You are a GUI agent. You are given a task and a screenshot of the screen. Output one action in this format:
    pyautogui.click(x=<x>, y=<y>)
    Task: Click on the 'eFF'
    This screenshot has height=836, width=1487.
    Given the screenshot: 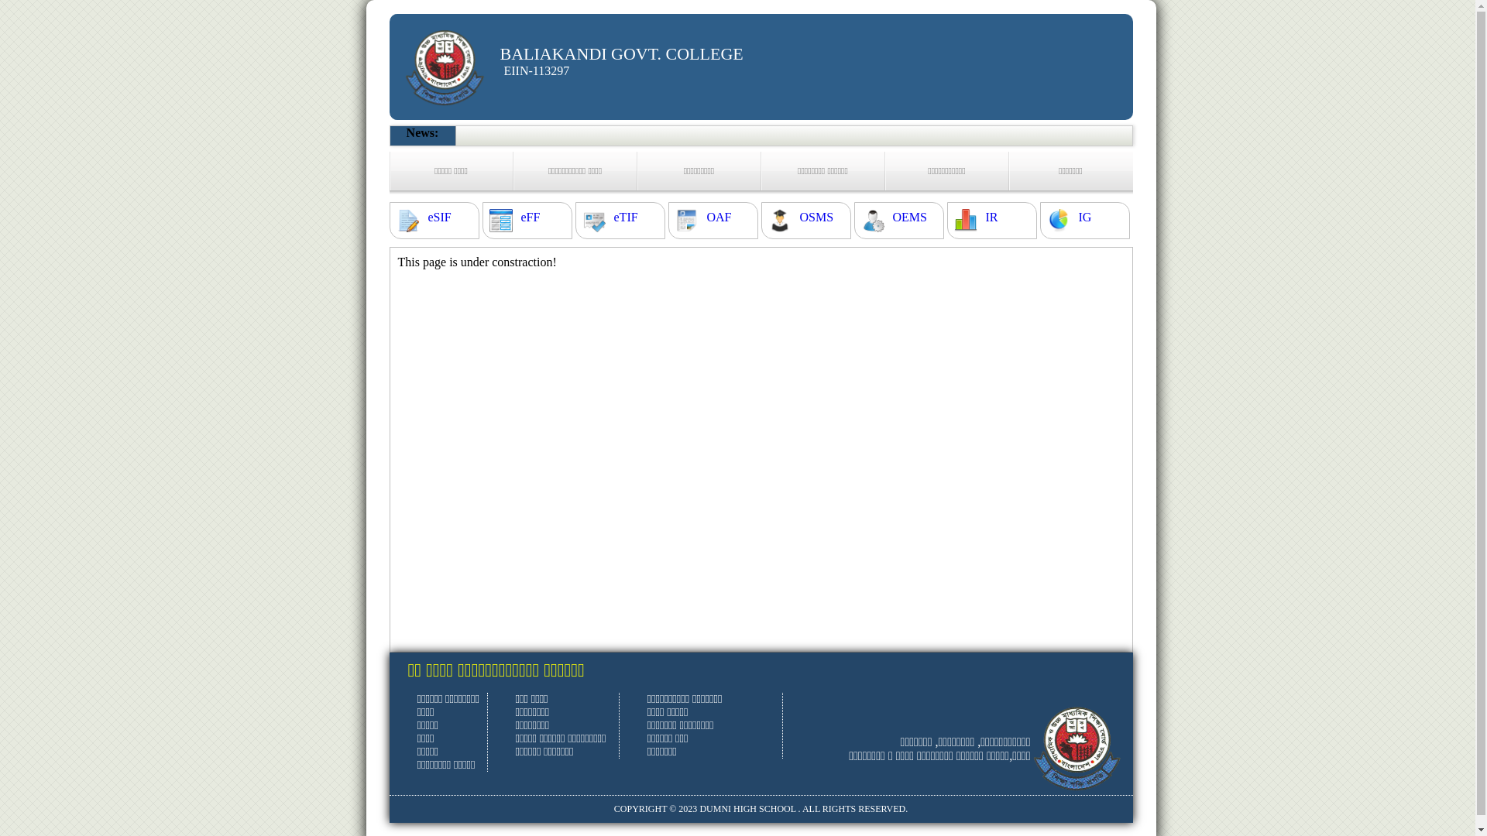 What is the action you would take?
    pyautogui.click(x=530, y=218)
    